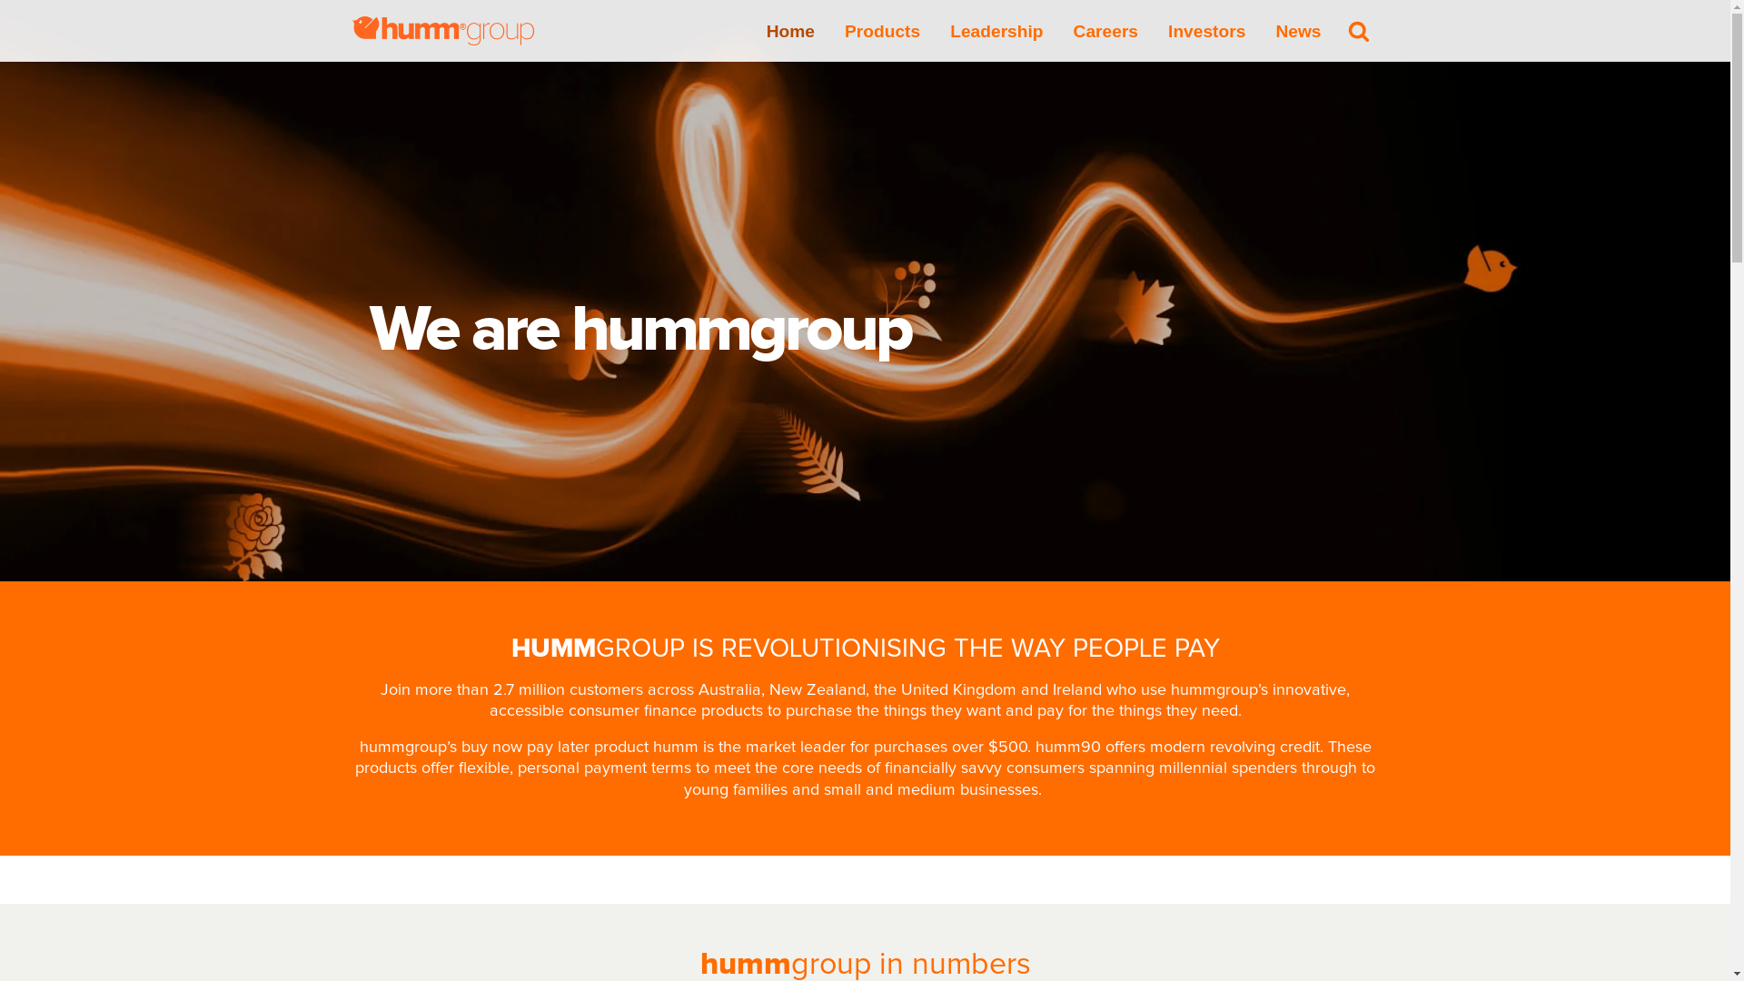 This screenshot has width=1744, height=981. I want to click on 'News', so click(1297, 30).